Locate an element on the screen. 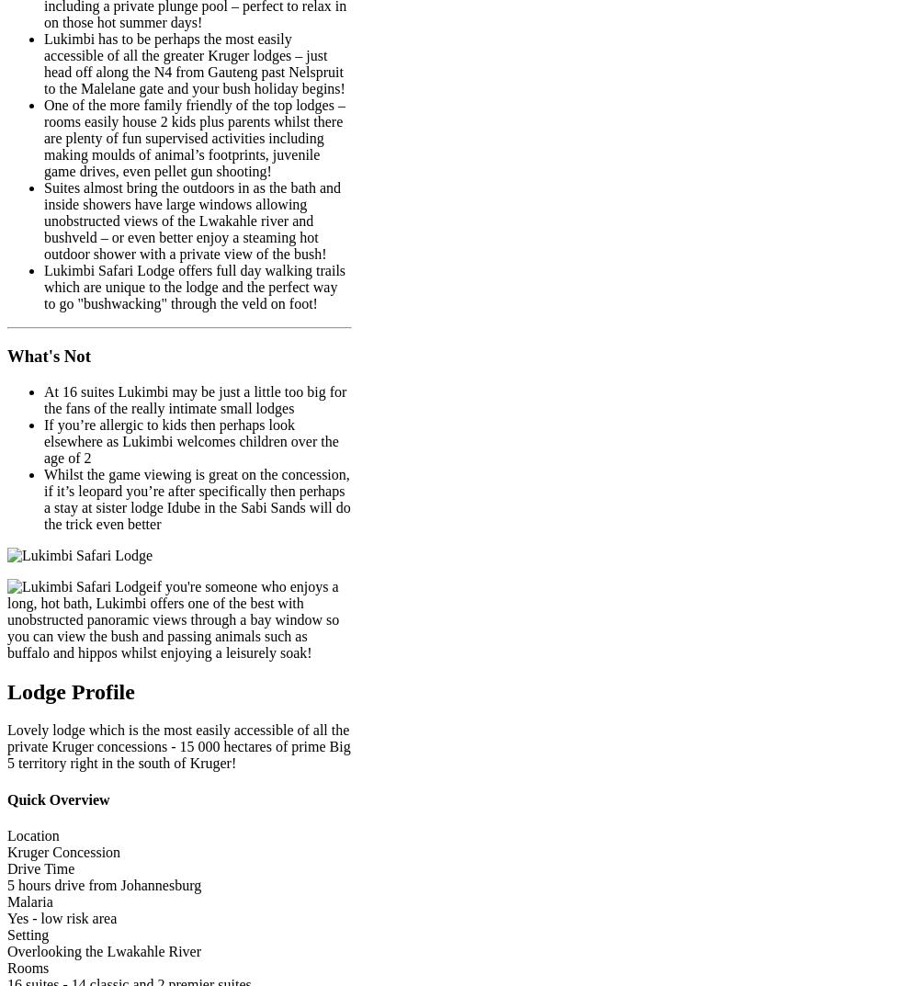 The height and width of the screenshot is (986, 917). 'if you're someone who enjoys a long, hot bath, Lukimbi offers one of the best with unobstructed panoramic views through a bay window so you can view the bush and passing animals such as buffalo and hippos whilst enjoying a leisurely soak!' is located at coordinates (172, 618).